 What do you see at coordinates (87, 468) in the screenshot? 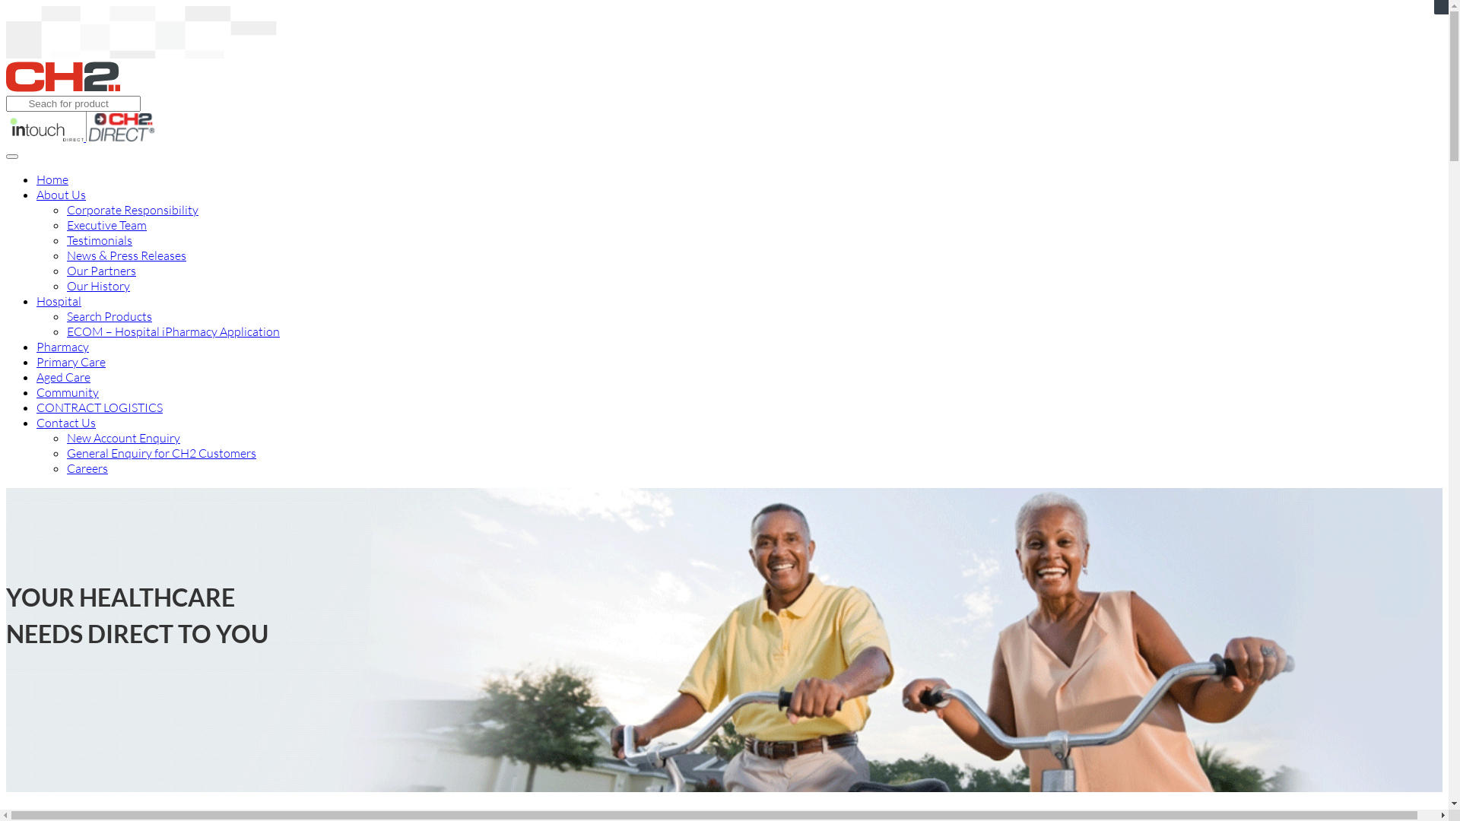
I see `'Careers'` at bounding box center [87, 468].